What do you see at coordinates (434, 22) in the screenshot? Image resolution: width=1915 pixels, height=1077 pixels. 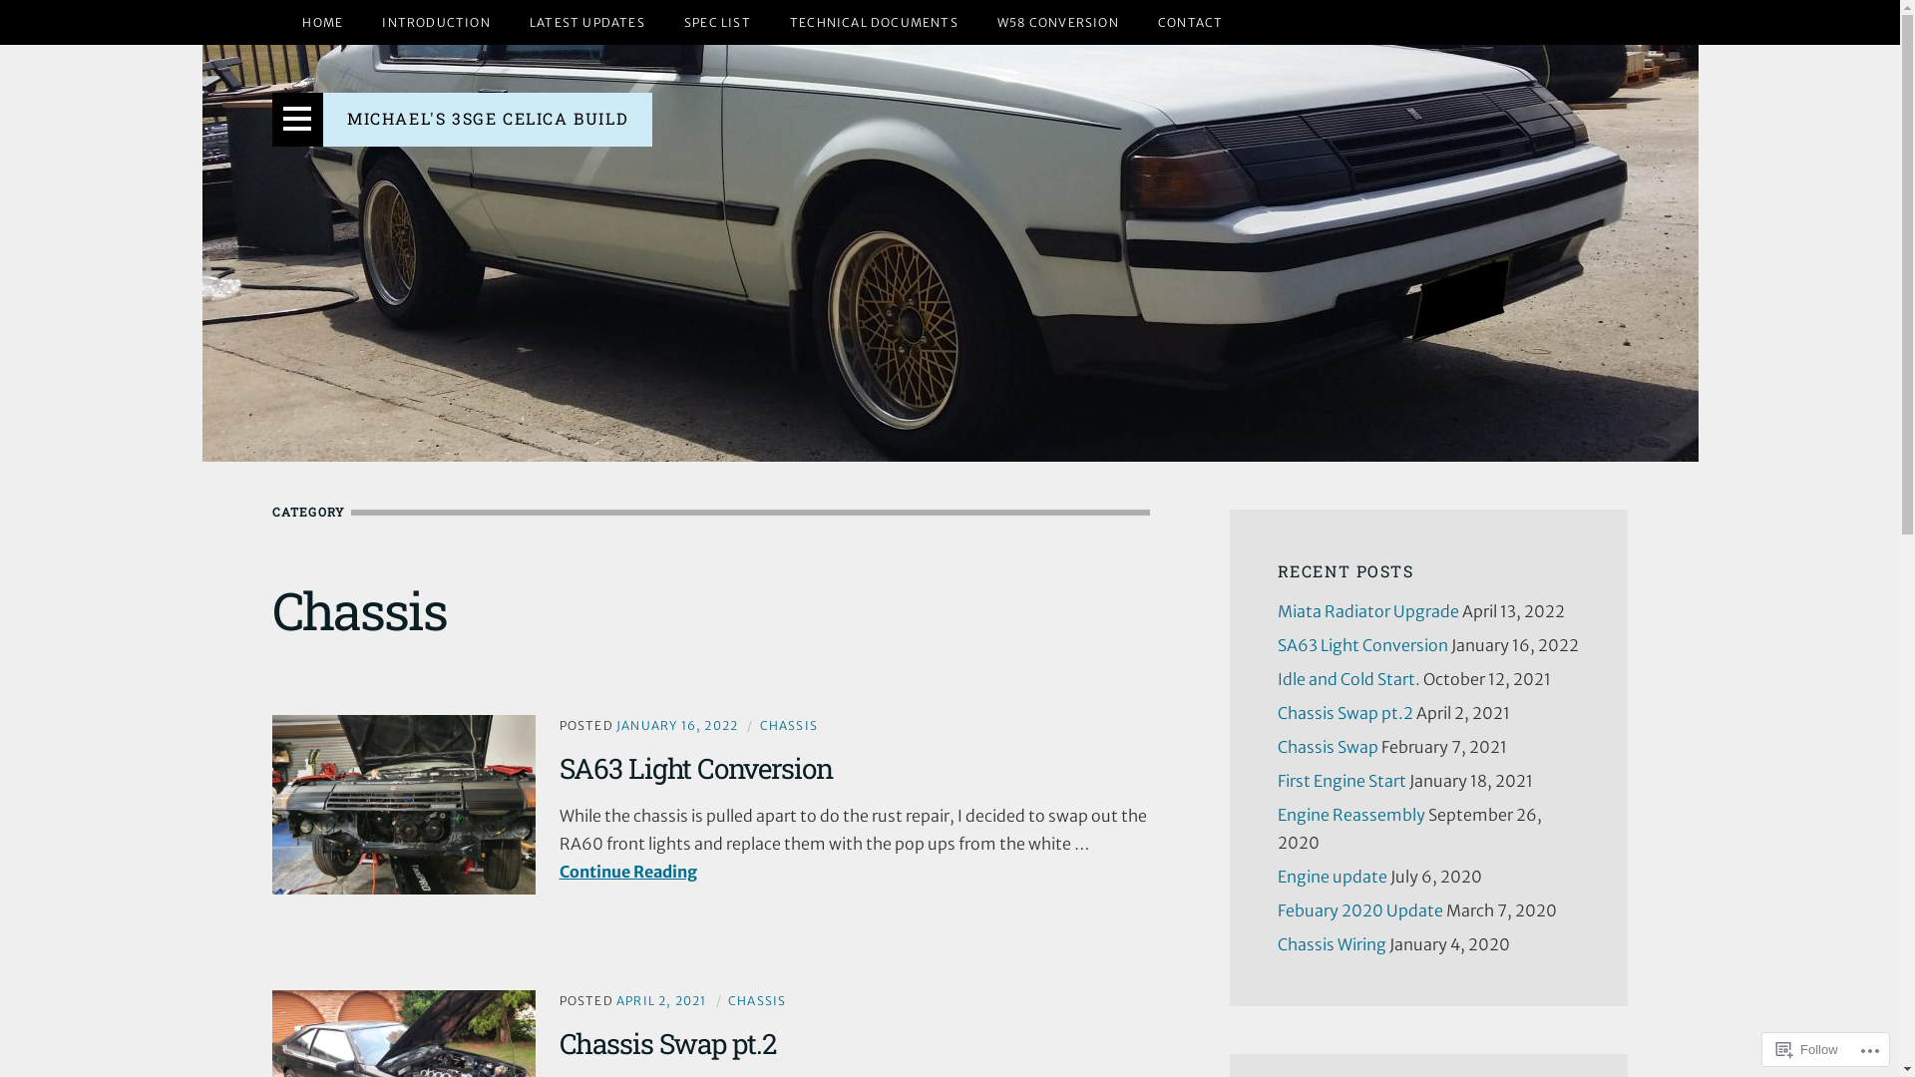 I see `'INTRODUCTION'` at bounding box center [434, 22].